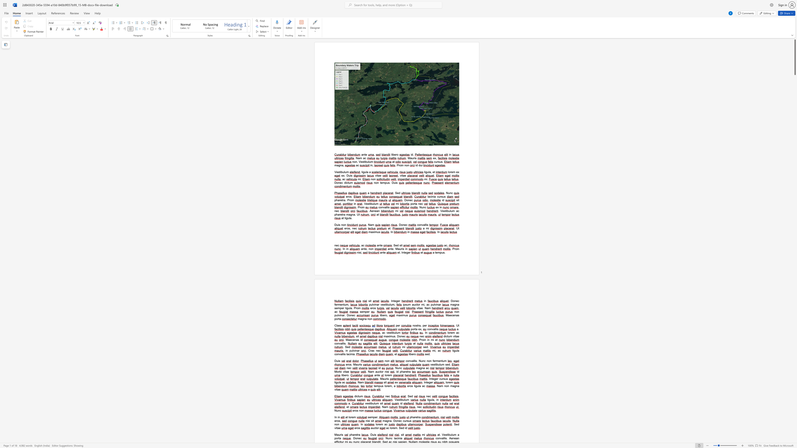 The width and height of the screenshot is (797, 448). I want to click on the space between the continuous character "i" and "p" in the text, so click(403, 305).